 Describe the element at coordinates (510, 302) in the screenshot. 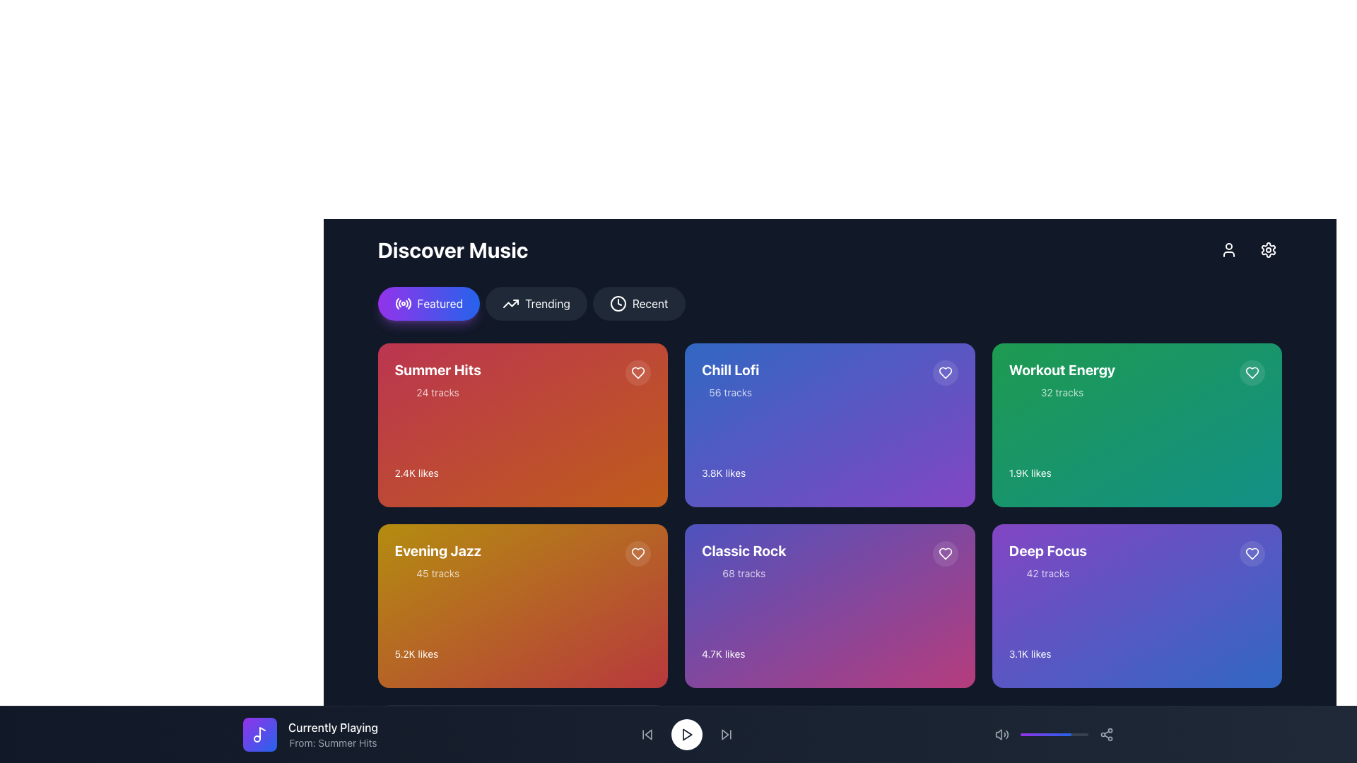

I see `the button` at that location.